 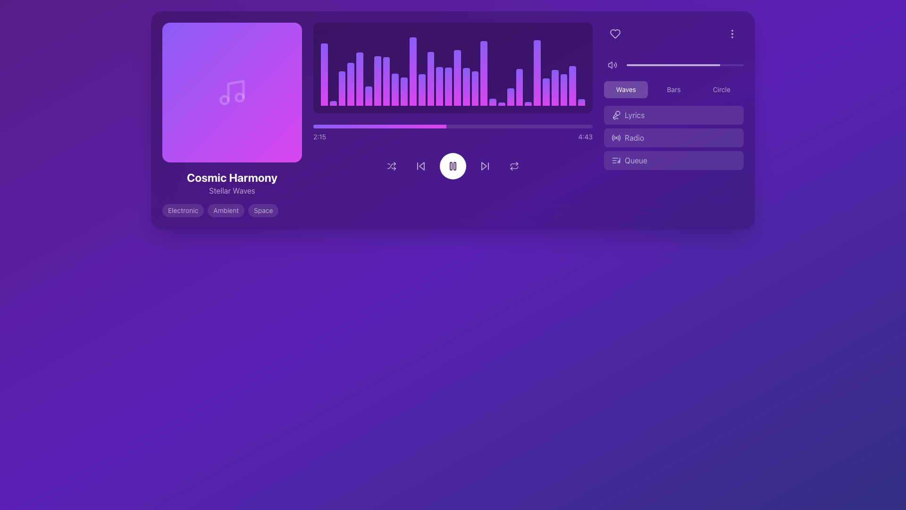 I want to click on visual representation of the 26th bar in the bar chart, located near the right end of the chart area, so click(x=546, y=92).